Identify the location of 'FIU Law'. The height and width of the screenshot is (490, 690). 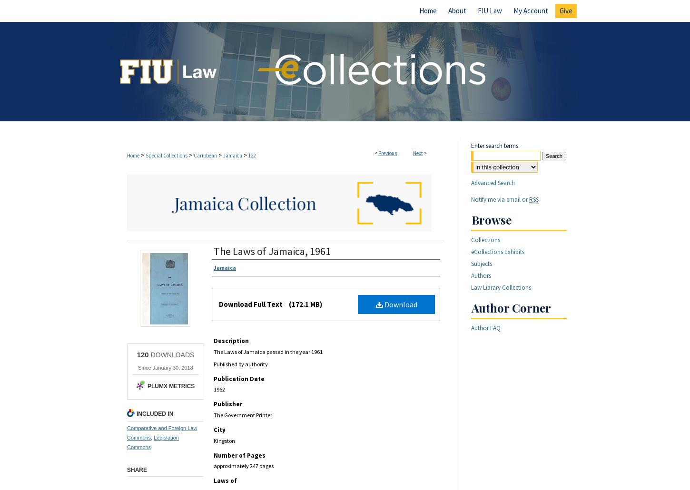
(490, 10).